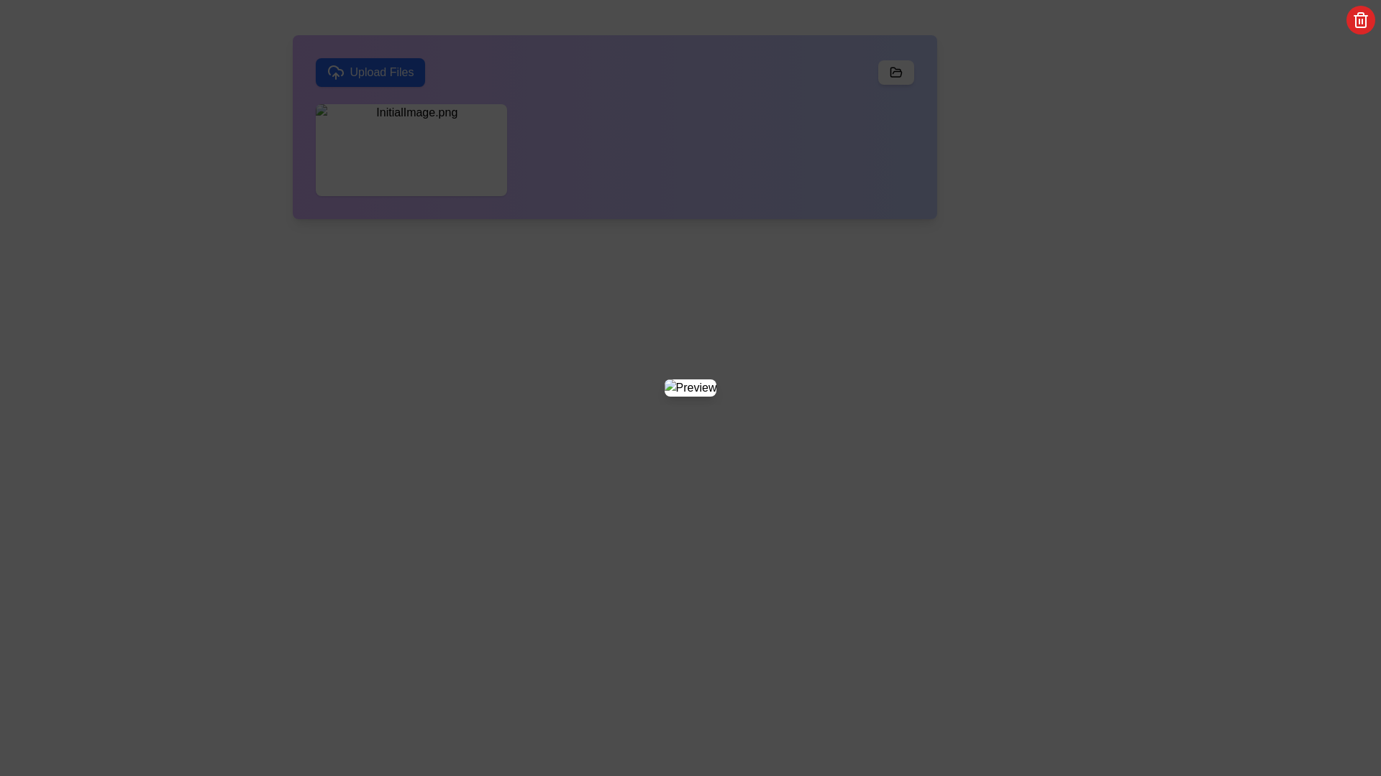 This screenshot has width=1381, height=776. What do you see at coordinates (895, 72) in the screenshot?
I see `the decorative icon in the upper-right of the horizontally elongated card element` at bounding box center [895, 72].